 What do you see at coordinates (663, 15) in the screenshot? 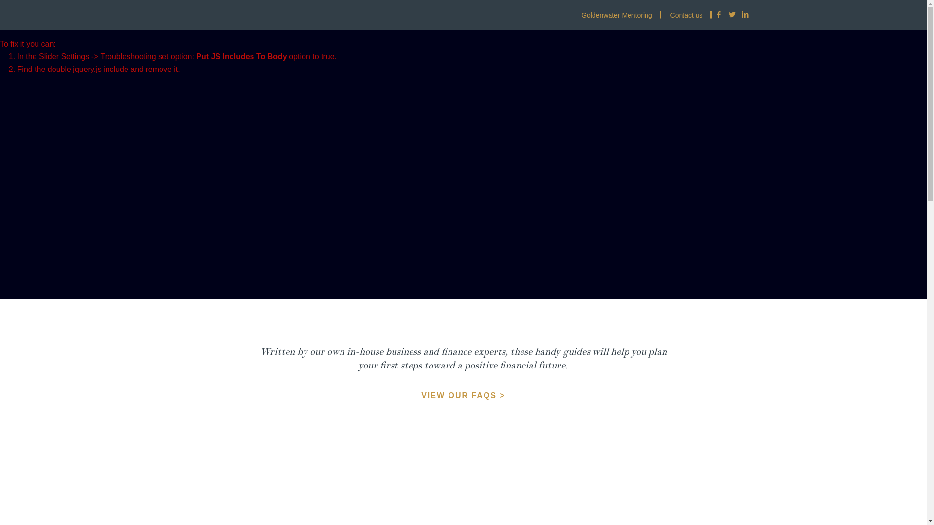
I see `'Contact us'` at bounding box center [663, 15].